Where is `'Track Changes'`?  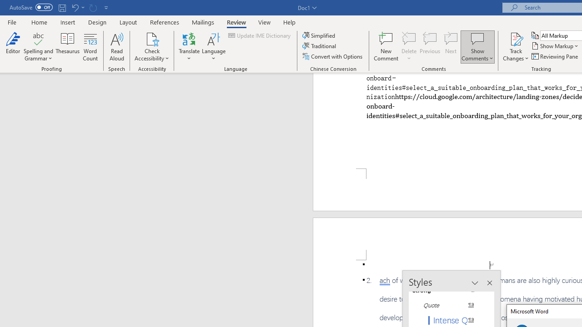
'Track Changes' is located at coordinates (516, 47).